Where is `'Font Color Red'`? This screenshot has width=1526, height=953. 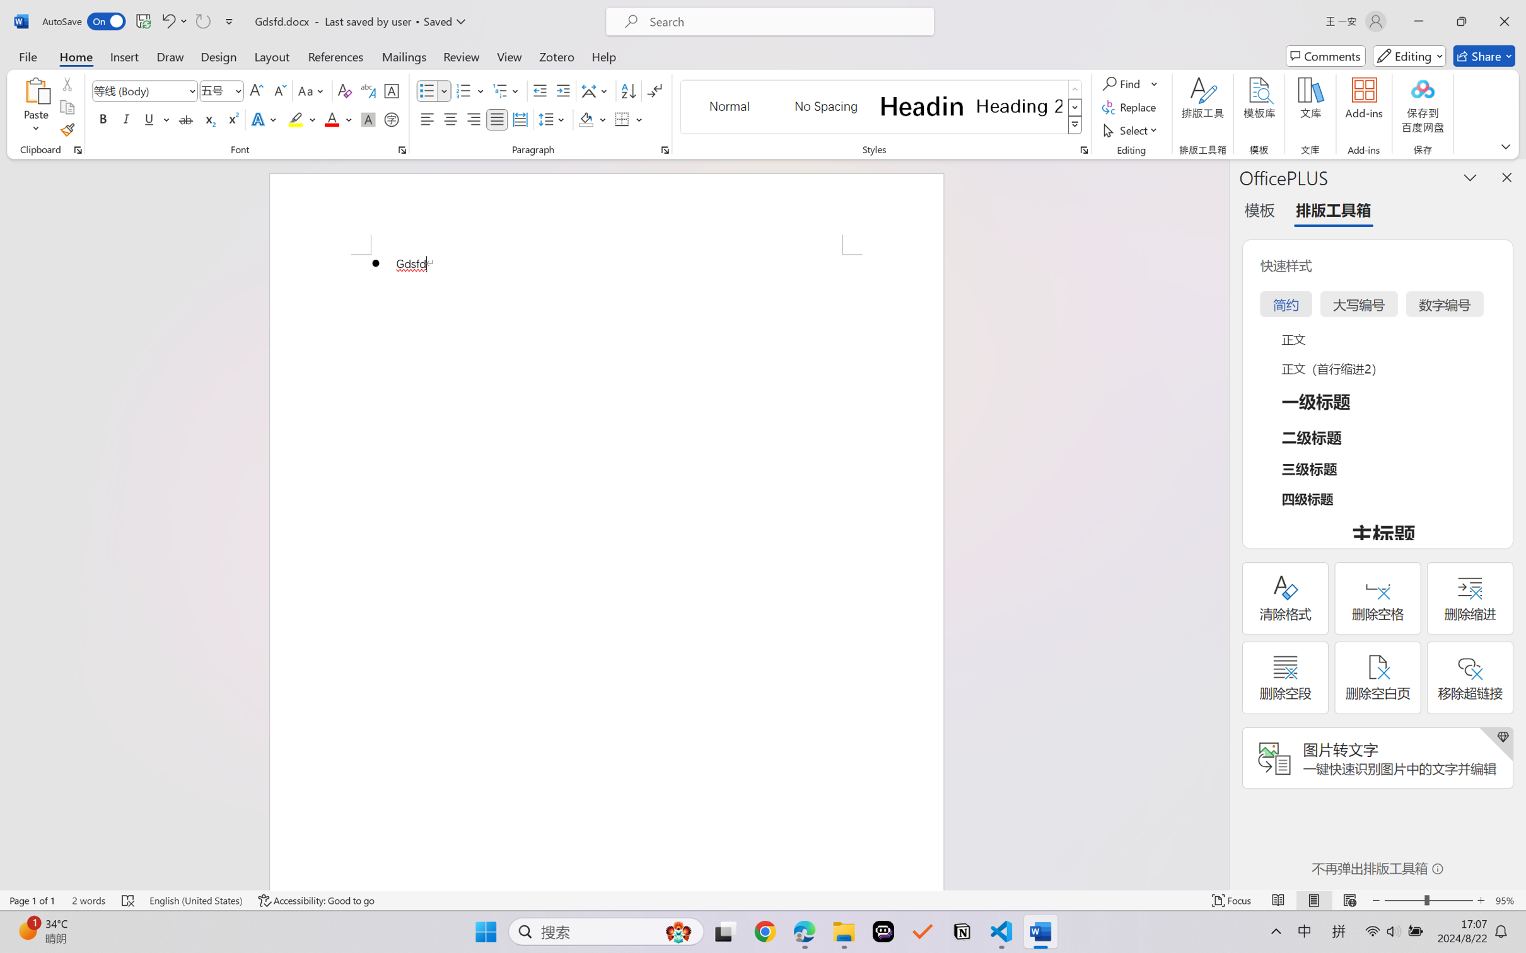 'Font Color Red' is located at coordinates (332, 118).